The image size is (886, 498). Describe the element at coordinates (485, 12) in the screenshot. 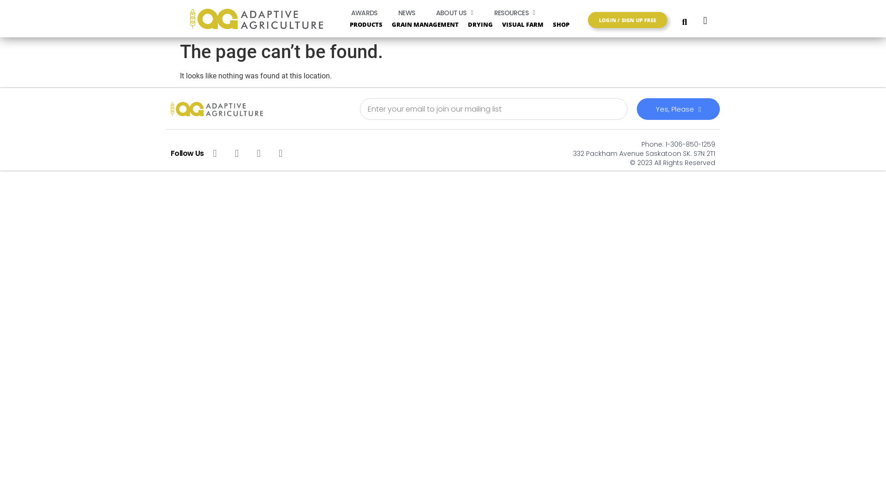

I see `'RESOURCES'` at that location.